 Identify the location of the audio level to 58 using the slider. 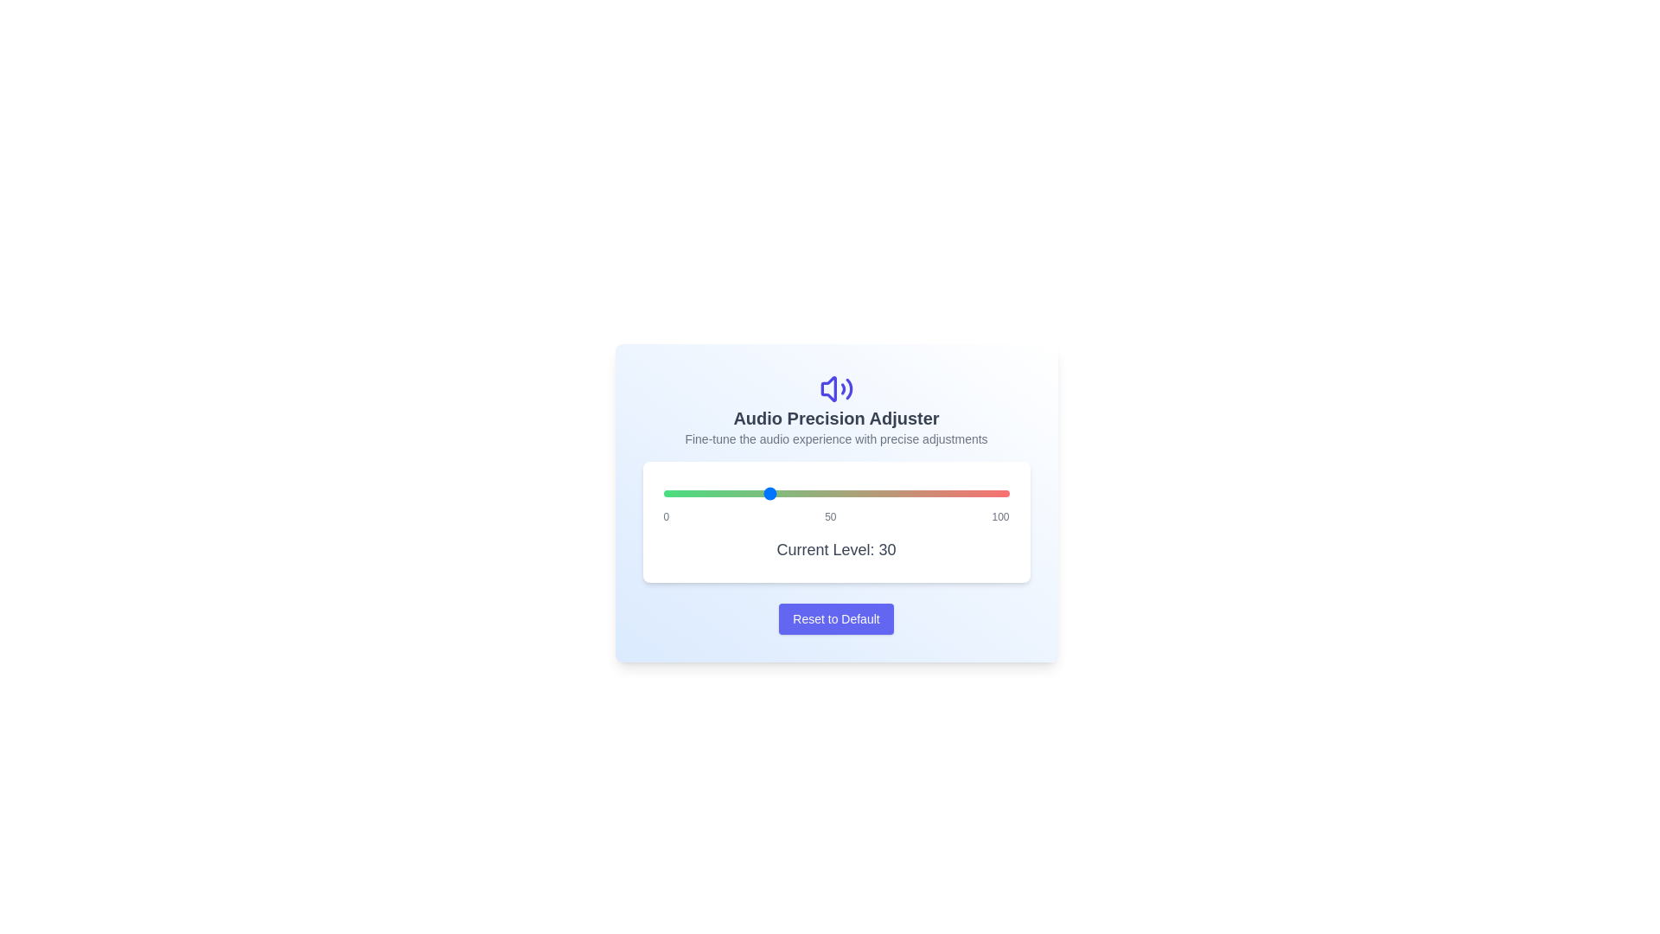
(864, 493).